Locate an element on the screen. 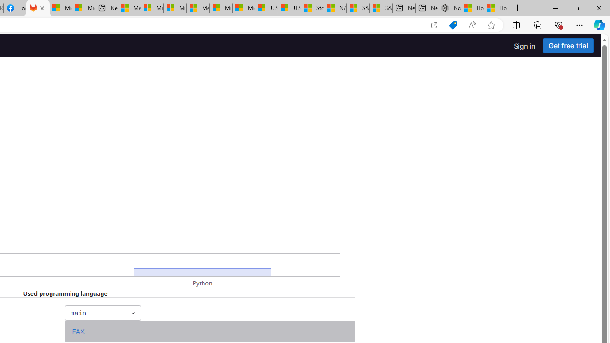 This screenshot has width=610, height=343. 'Sign in' is located at coordinates (524, 46).